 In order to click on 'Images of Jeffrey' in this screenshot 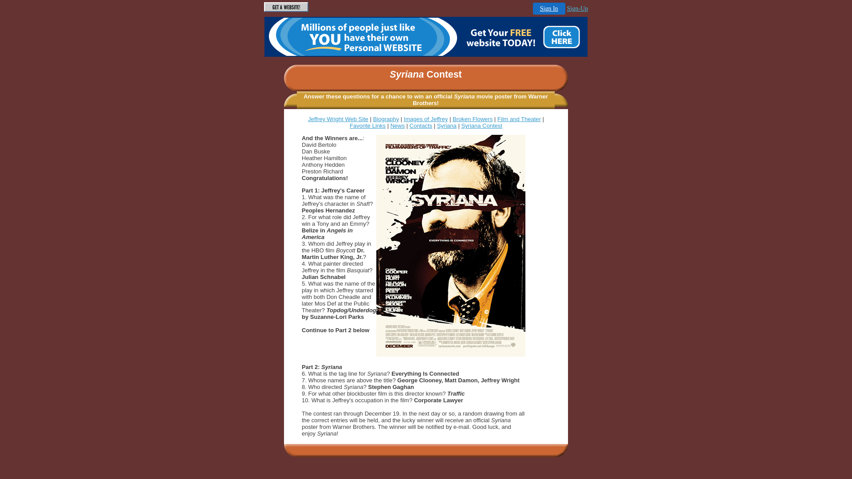, I will do `click(403, 118)`.